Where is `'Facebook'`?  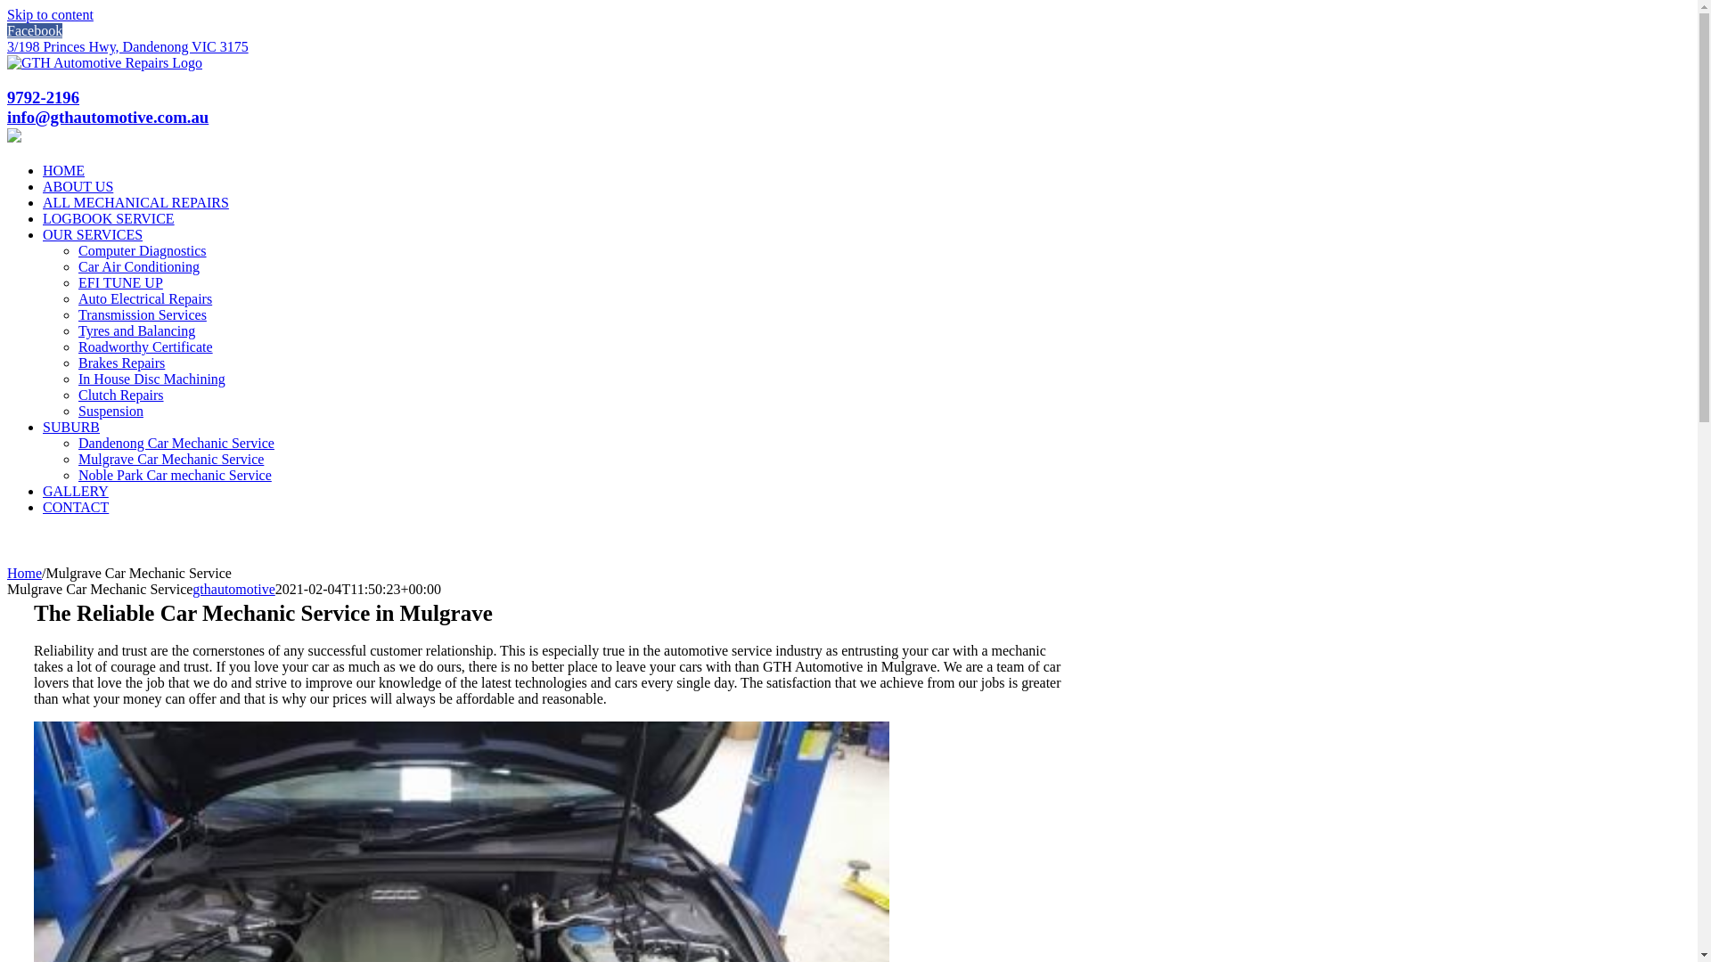
'Facebook' is located at coordinates (34, 30).